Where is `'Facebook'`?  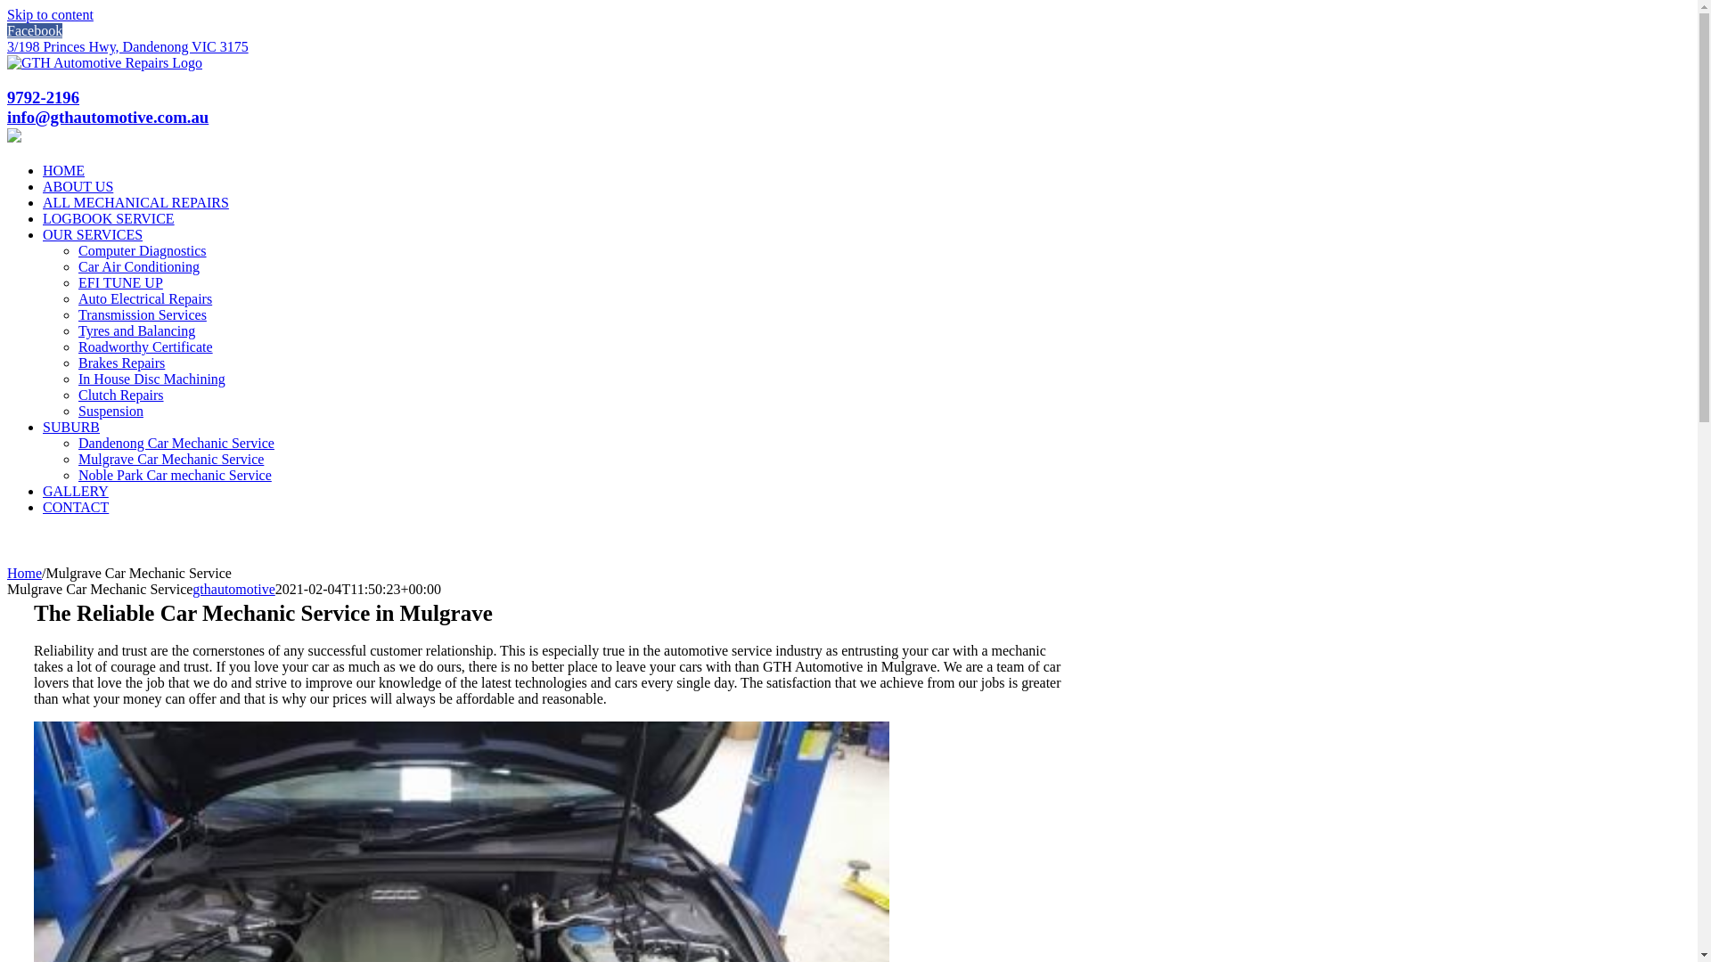
'Facebook' is located at coordinates (34, 30).